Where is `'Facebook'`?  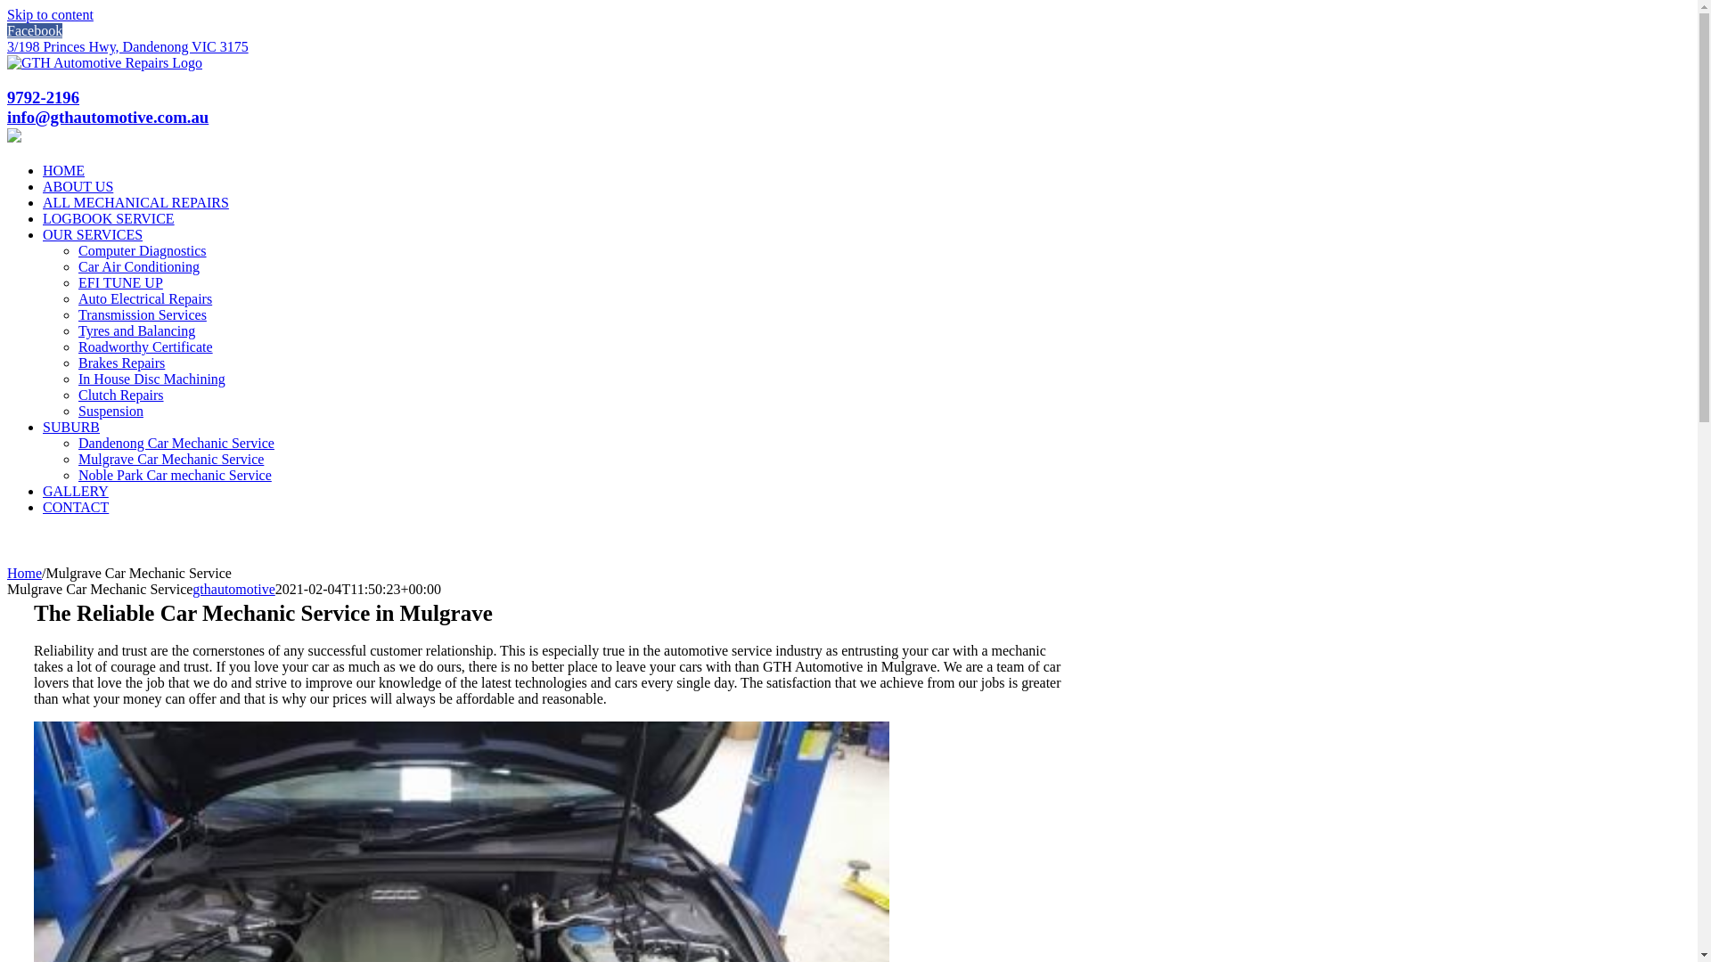
'Facebook' is located at coordinates (34, 30).